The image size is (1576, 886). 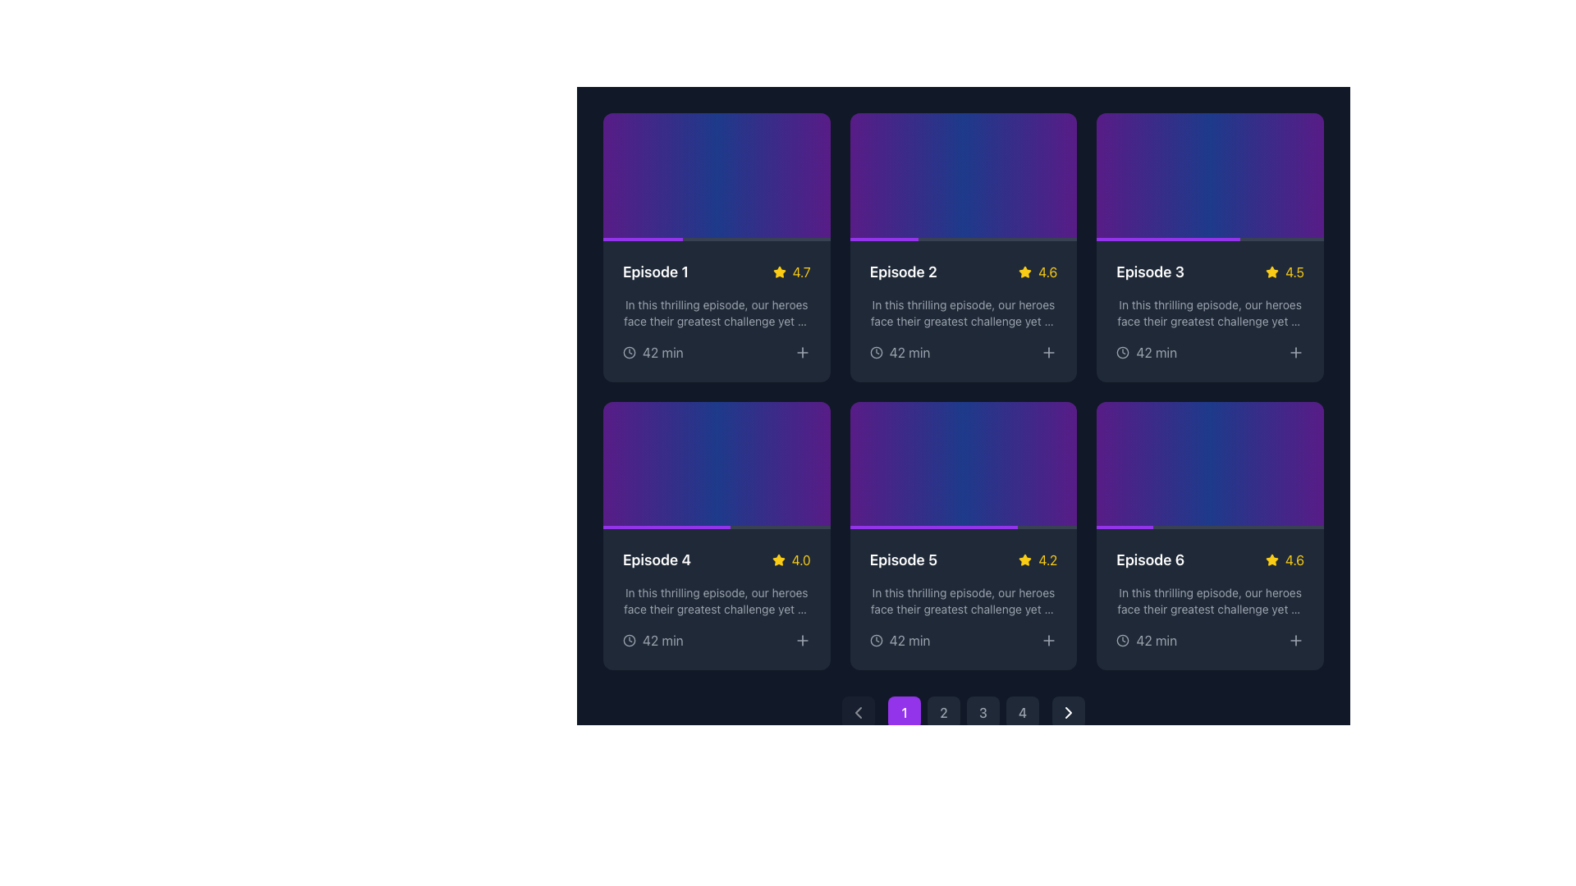 What do you see at coordinates (902, 559) in the screenshot?
I see `the prominent text label displaying 'Episode 5' in bold white font within the fifth card layout` at bounding box center [902, 559].